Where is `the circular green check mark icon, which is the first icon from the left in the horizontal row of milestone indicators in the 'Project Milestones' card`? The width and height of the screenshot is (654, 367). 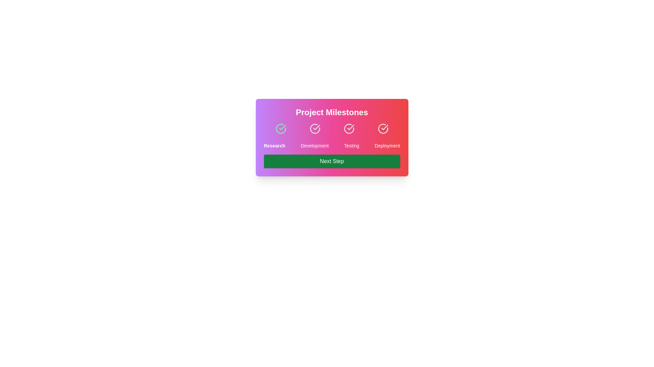 the circular green check mark icon, which is the first icon from the left in the horizontal row of milestone indicators in the 'Project Milestones' card is located at coordinates (281, 128).